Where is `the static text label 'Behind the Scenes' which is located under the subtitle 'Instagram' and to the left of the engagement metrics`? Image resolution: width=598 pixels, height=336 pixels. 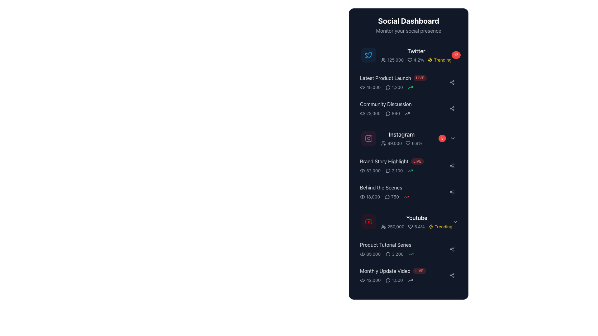 the static text label 'Behind the Scenes' which is located under the subtitle 'Instagram' and to the left of the engagement metrics is located at coordinates (381, 187).